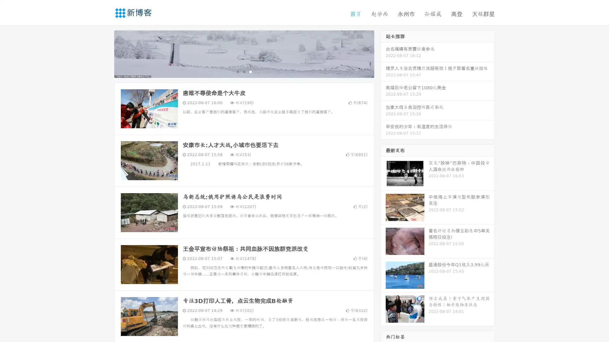  Describe the element at coordinates (244, 71) in the screenshot. I see `Go to slide 2` at that location.